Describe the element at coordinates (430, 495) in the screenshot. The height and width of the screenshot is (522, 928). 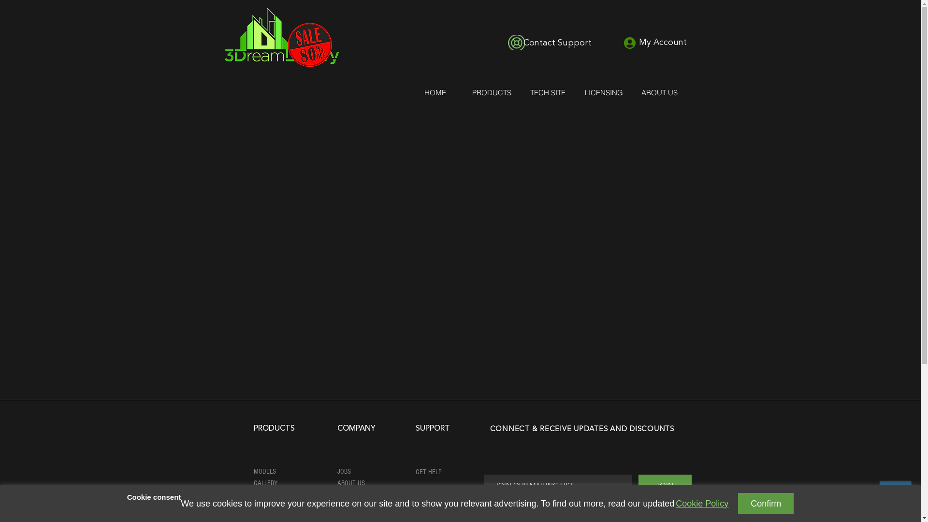
I see `'TUTORIALS'` at that location.